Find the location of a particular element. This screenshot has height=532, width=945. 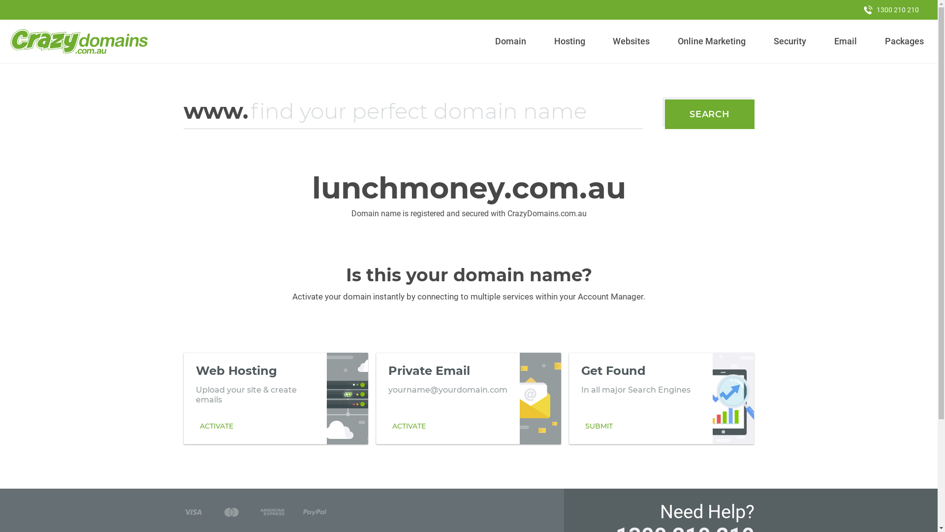

'Private Email is located at coordinates (468, 398).